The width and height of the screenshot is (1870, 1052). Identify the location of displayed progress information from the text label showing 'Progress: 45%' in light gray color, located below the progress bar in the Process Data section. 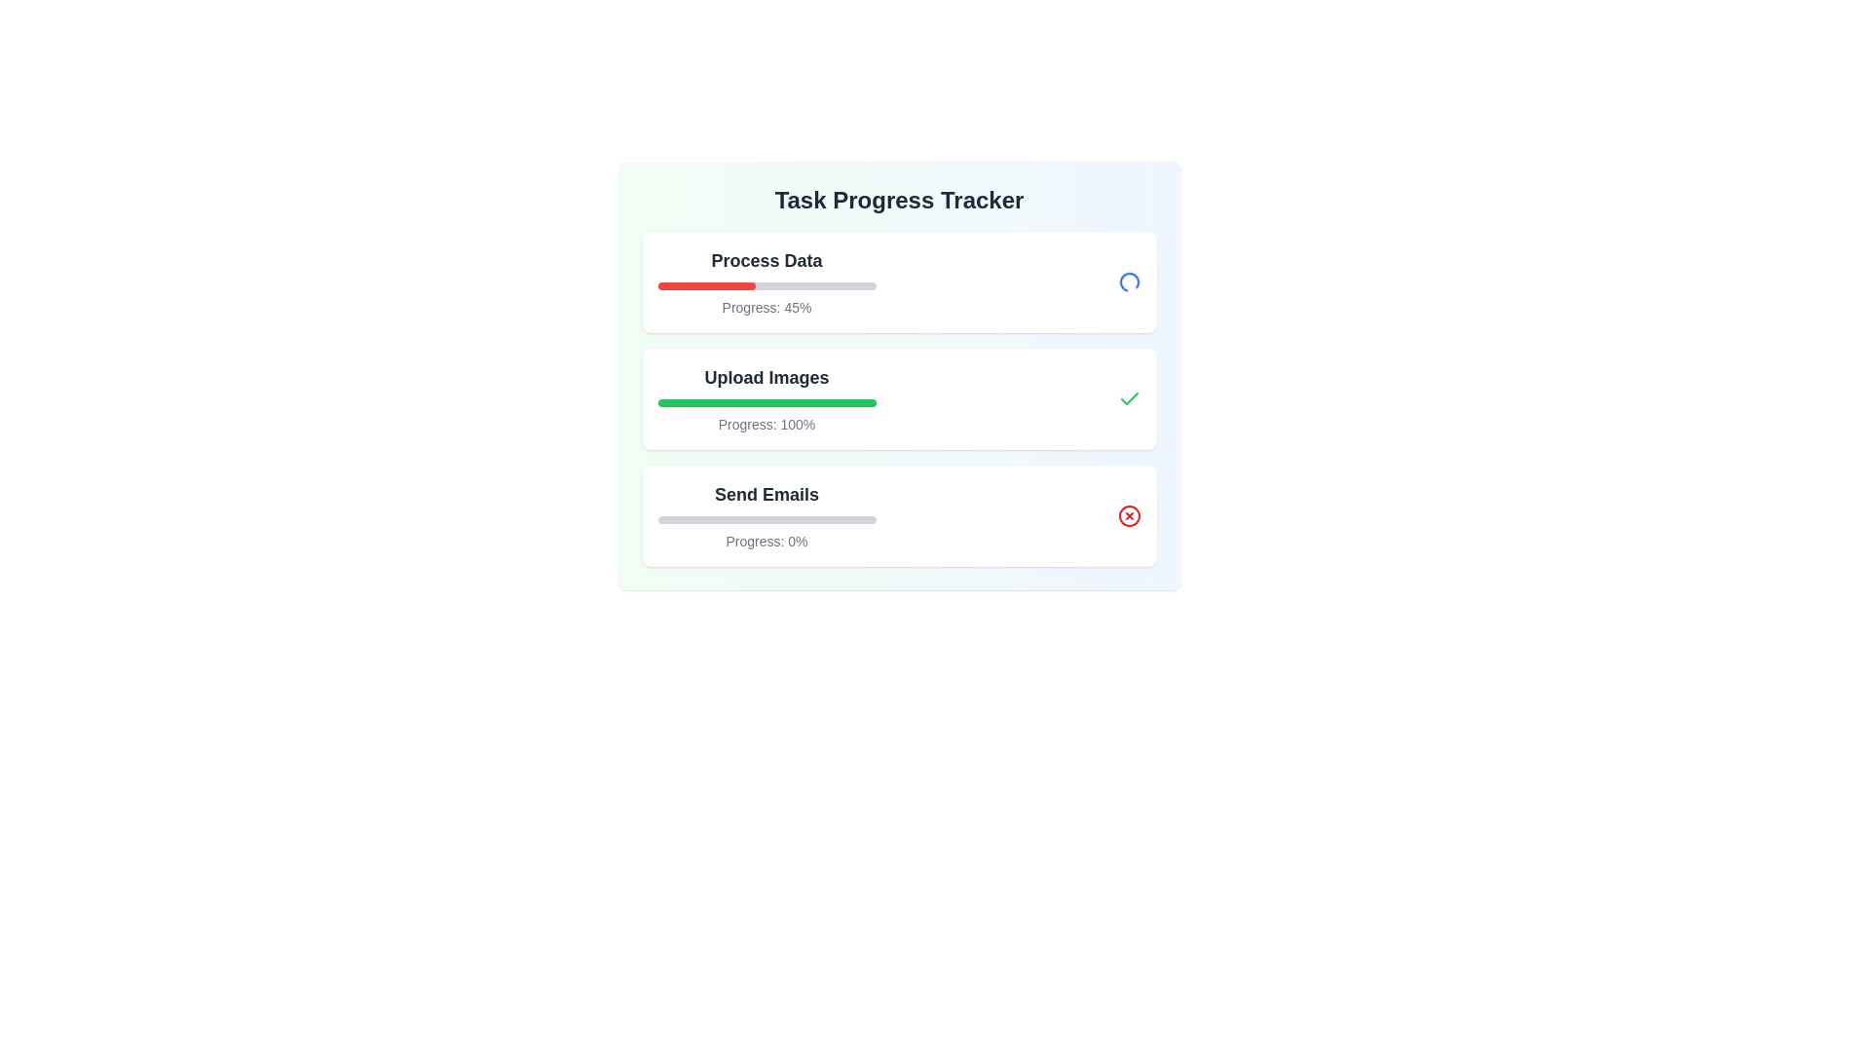
(766, 307).